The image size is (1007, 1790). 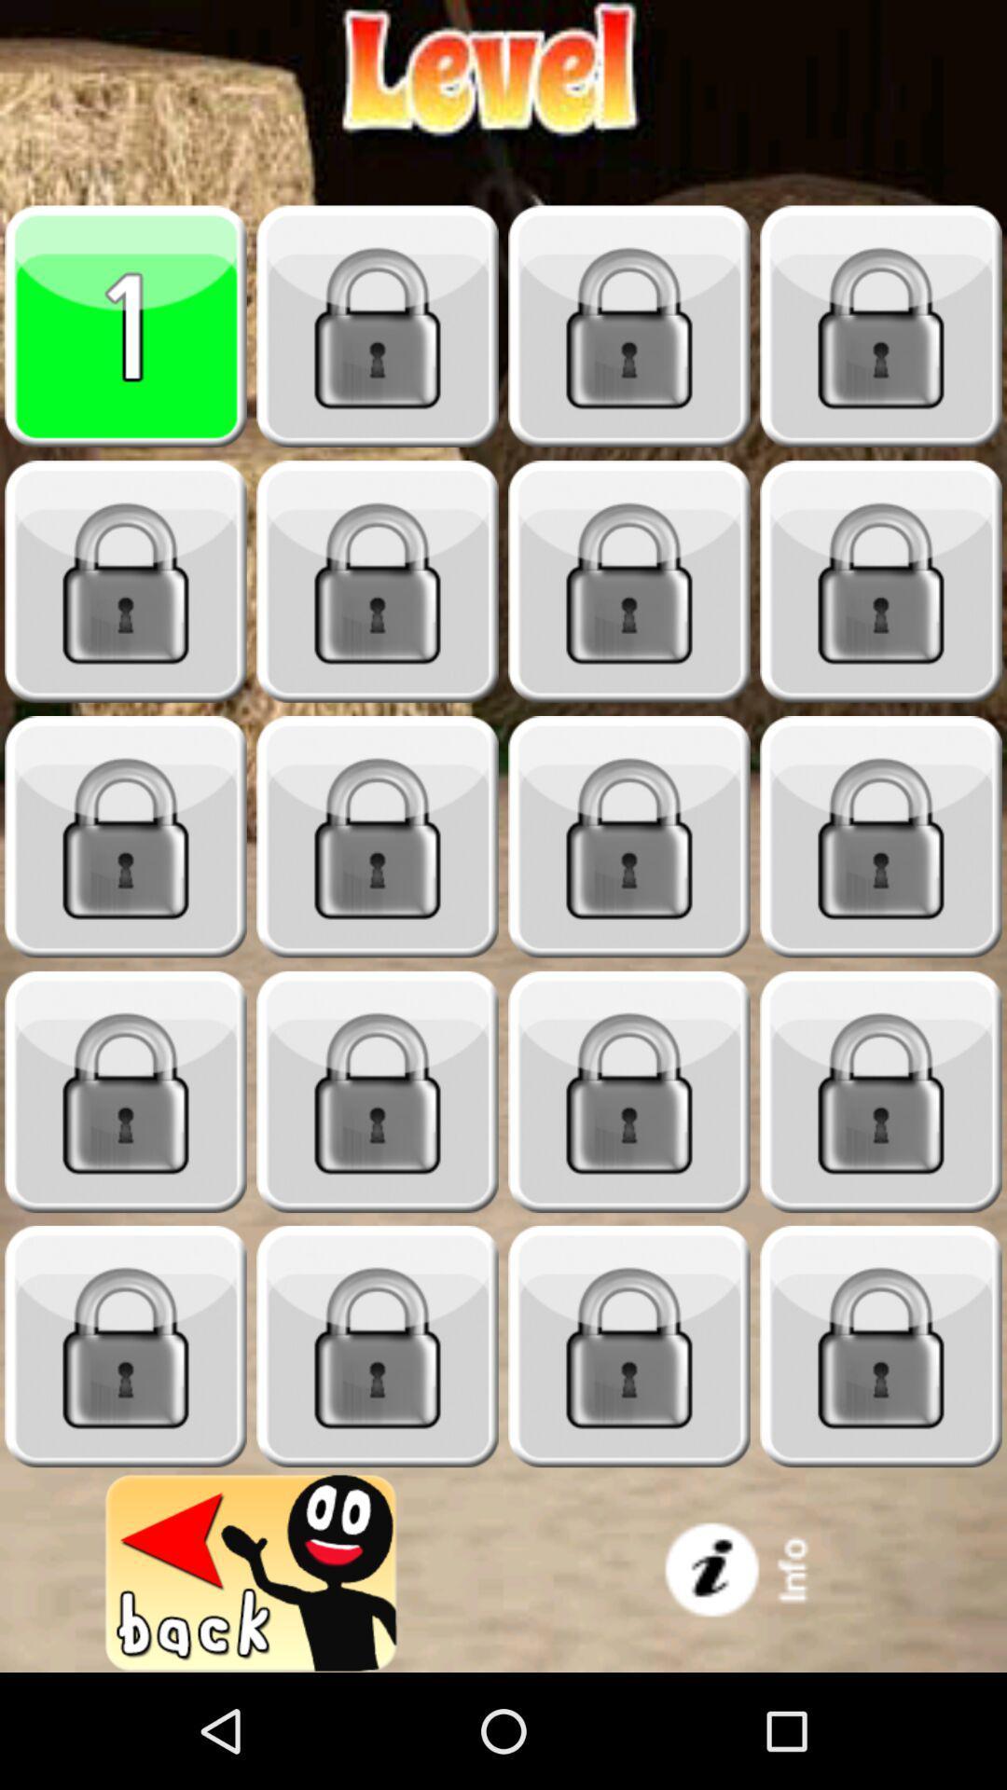 What do you see at coordinates (378, 581) in the screenshot?
I see `click level` at bounding box center [378, 581].